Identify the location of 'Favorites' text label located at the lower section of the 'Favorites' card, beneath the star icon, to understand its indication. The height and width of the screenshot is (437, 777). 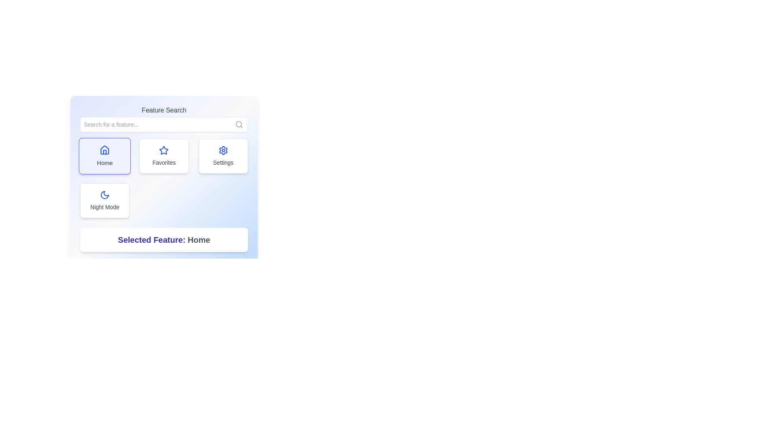
(163, 162).